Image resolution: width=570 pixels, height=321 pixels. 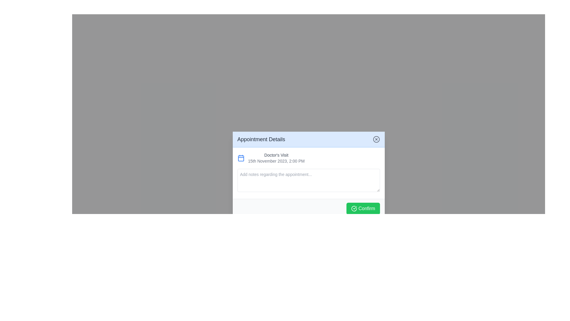 I want to click on the Text label providing information about a scheduled doctor's visit, which is located in the 'Appointment Details' modal, positioned to the right of a blue calendar icon and above a text input field for notes, so click(x=276, y=158).